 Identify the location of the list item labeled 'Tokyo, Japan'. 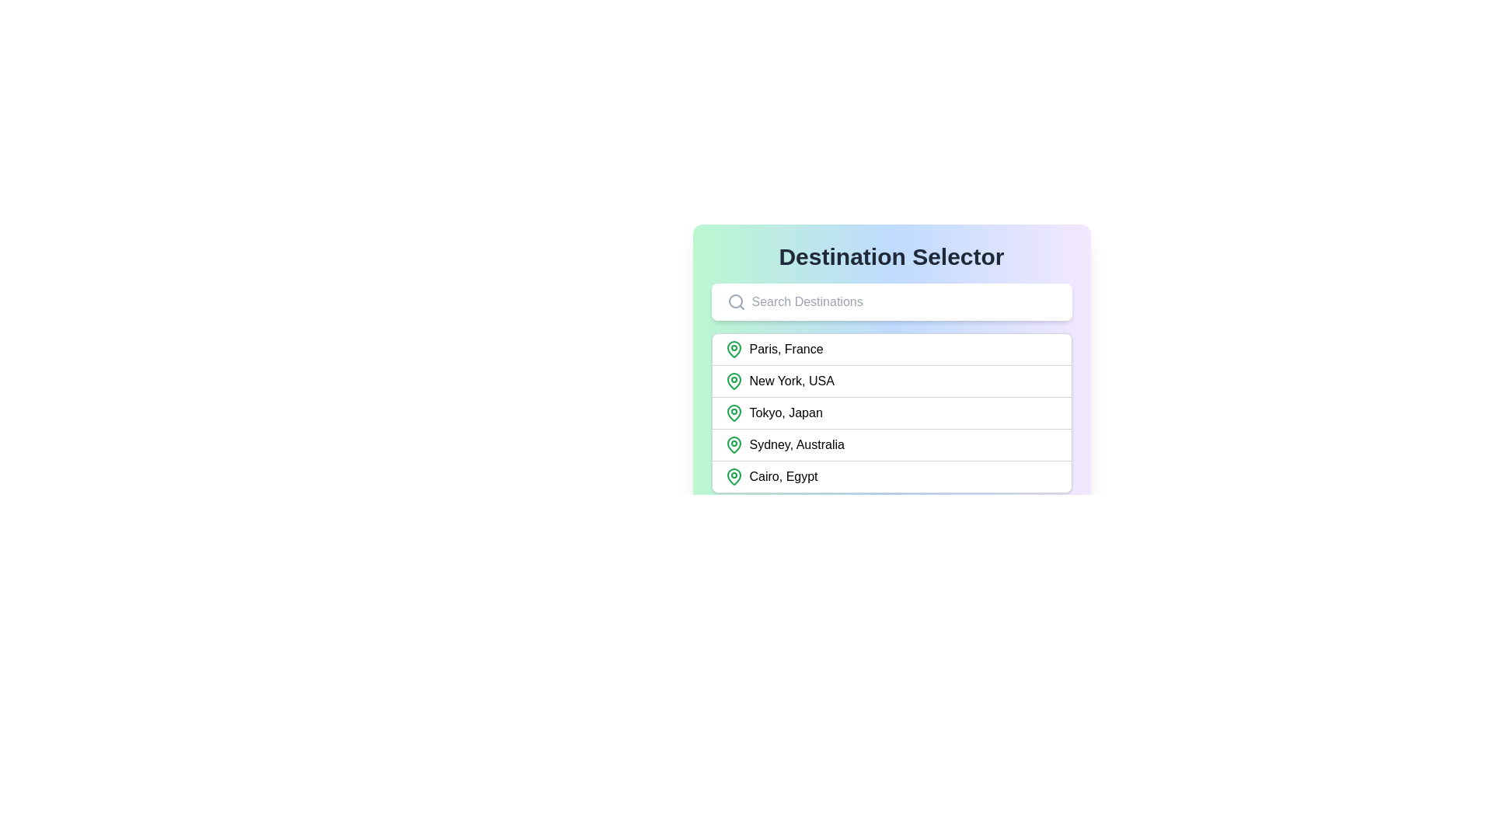
(891, 412).